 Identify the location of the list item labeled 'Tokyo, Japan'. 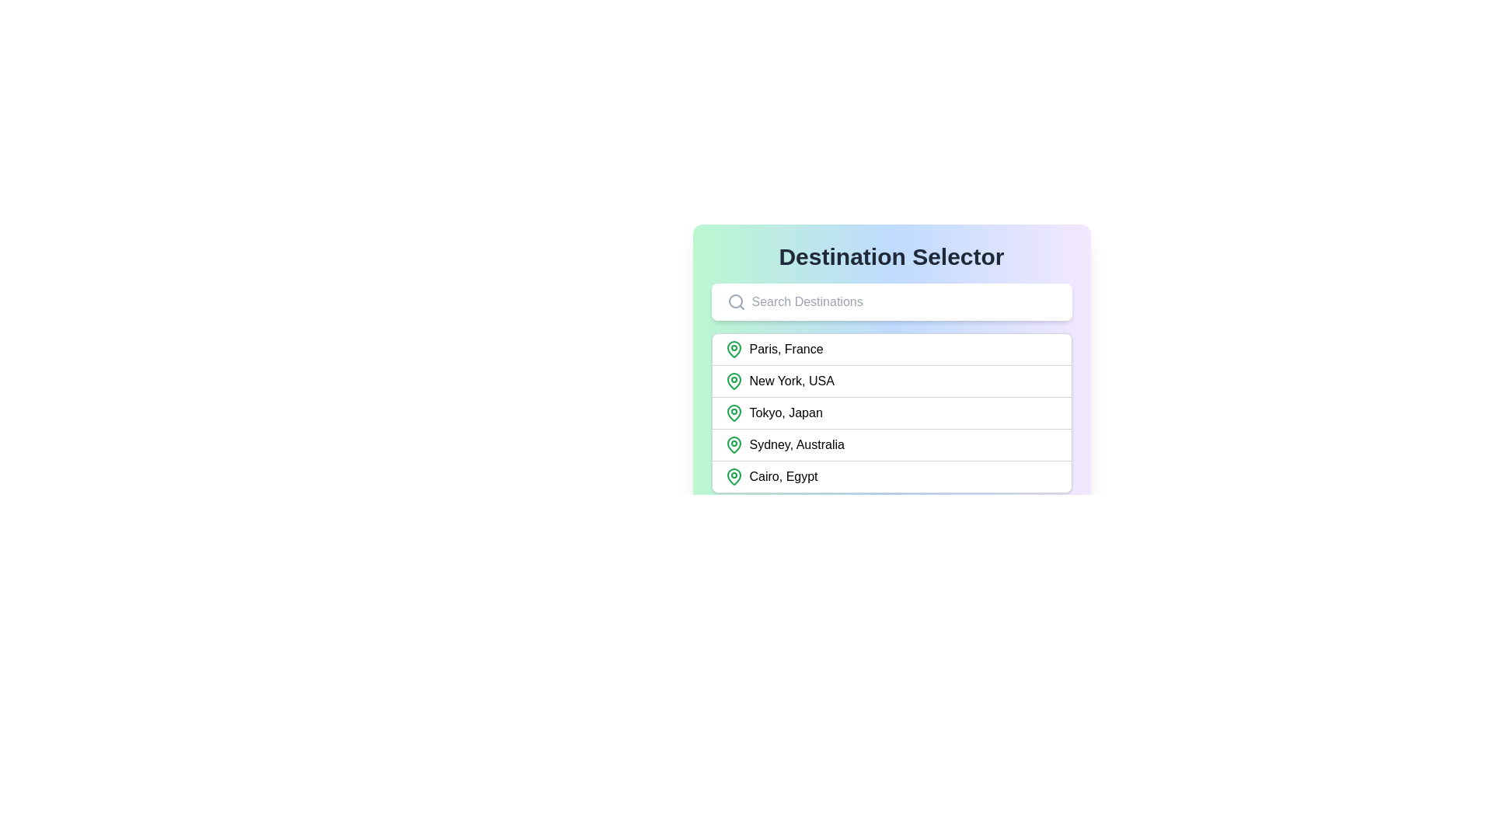
(891, 412).